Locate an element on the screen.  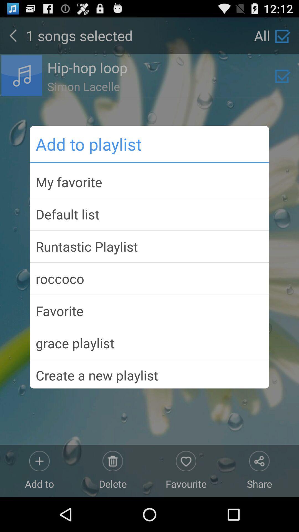
the default list icon is located at coordinates (149, 214).